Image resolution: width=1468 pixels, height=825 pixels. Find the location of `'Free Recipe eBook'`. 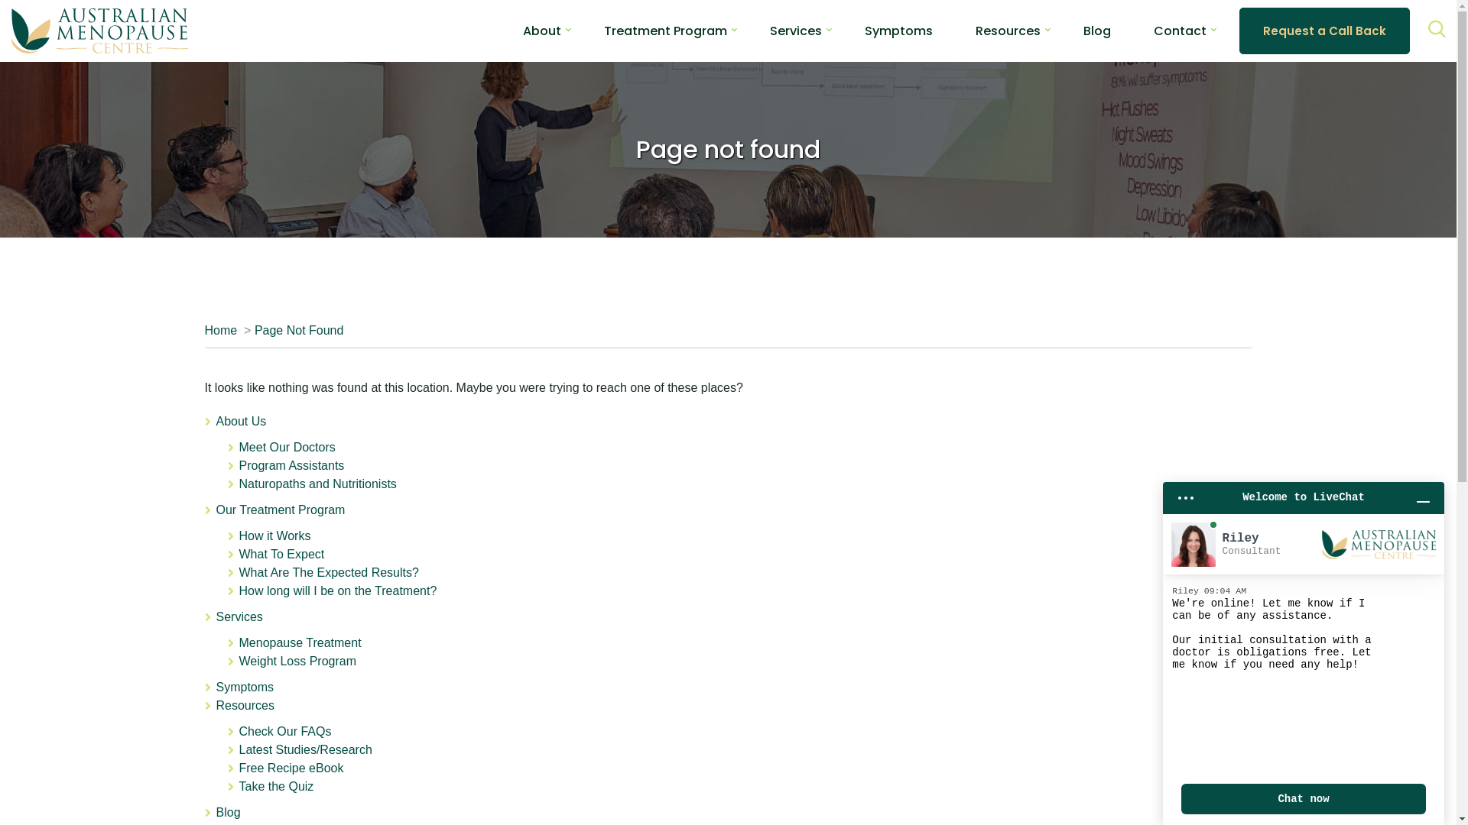

'Free Recipe eBook' is located at coordinates (291, 768).